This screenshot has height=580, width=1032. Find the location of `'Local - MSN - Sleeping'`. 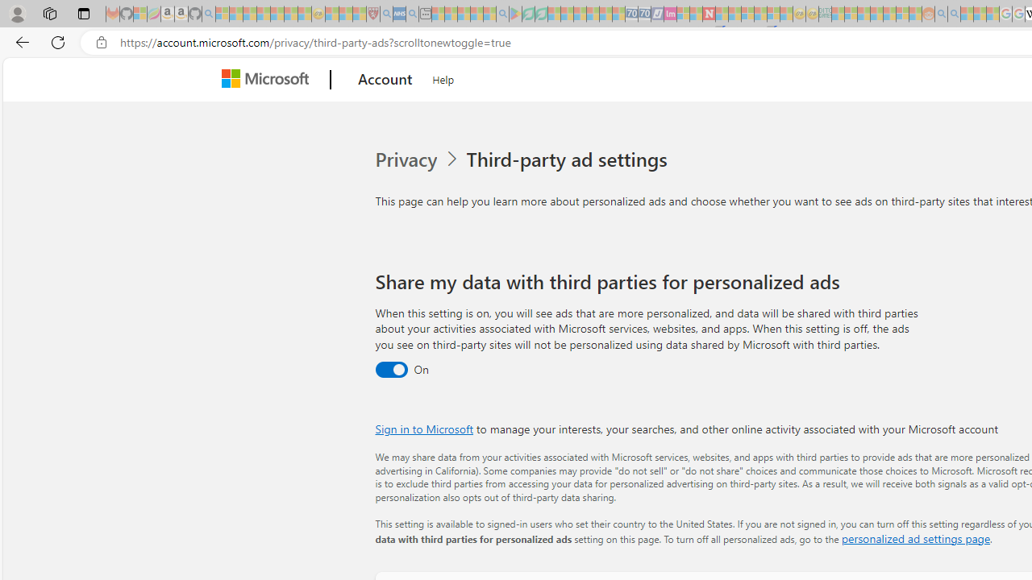

'Local - MSN - Sleeping' is located at coordinates (359, 14).